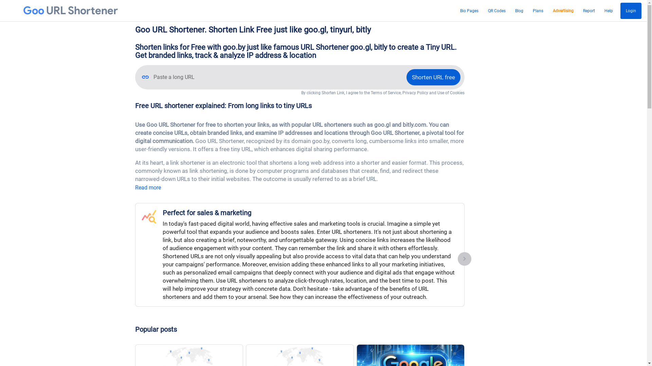  What do you see at coordinates (148, 187) in the screenshot?
I see `'Read more'` at bounding box center [148, 187].